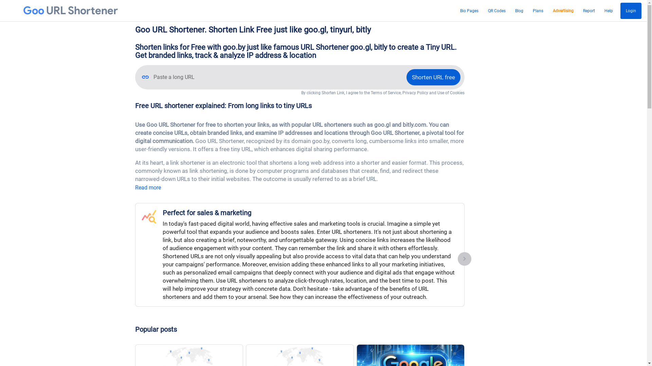  What do you see at coordinates (148, 187) in the screenshot?
I see `'Read more'` at bounding box center [148, 187].